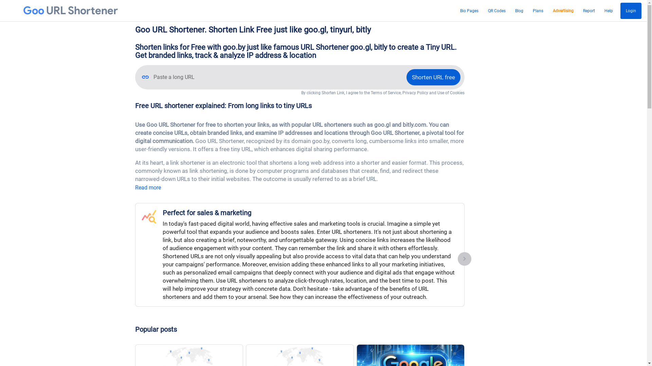  What do you see at coordinates (148, 187) in the screenshot?
I see `'Read more'` at bounding box center [148, 187].